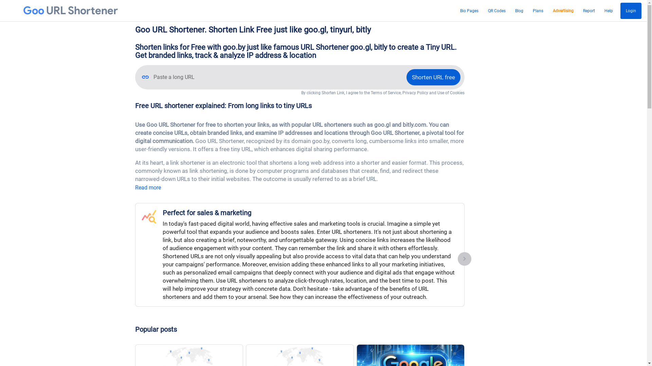  What do you see at coordinates (148, 187) in the screenshot?
I see `'Read more'` at bounding box center [148, 187].